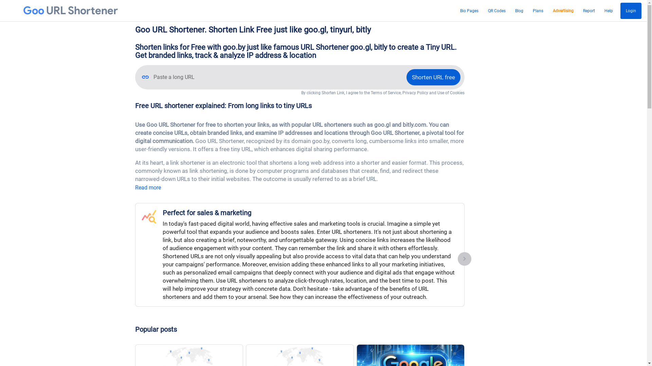  What do you see at coordinates (148, 187) in the screenshot?
I see `'Read more'` at bounding box center [148, 187].